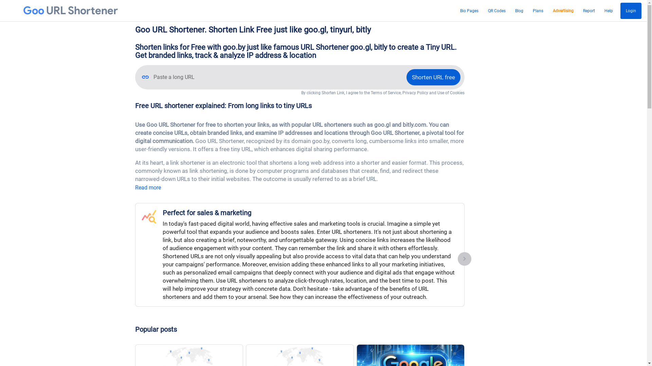  What do you see at coordinates (148, 187) in the screenshot?
I see `'Read more'` at bounding box center [148, 187].